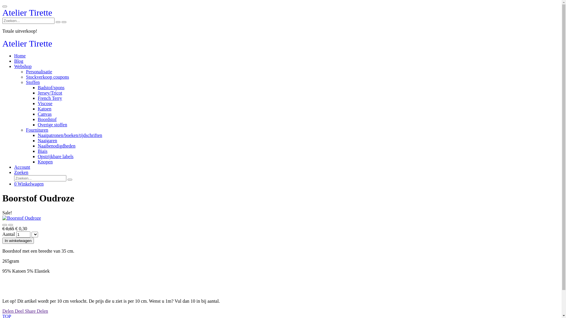  I want to click on 'Stoffen', so click(25, 82).